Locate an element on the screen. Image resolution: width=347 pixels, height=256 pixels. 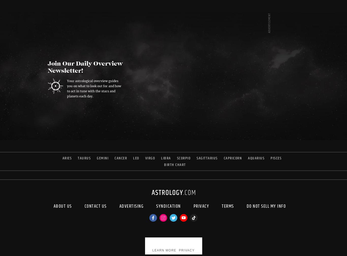
'Scorpio' is located at coordinates (184, 158).